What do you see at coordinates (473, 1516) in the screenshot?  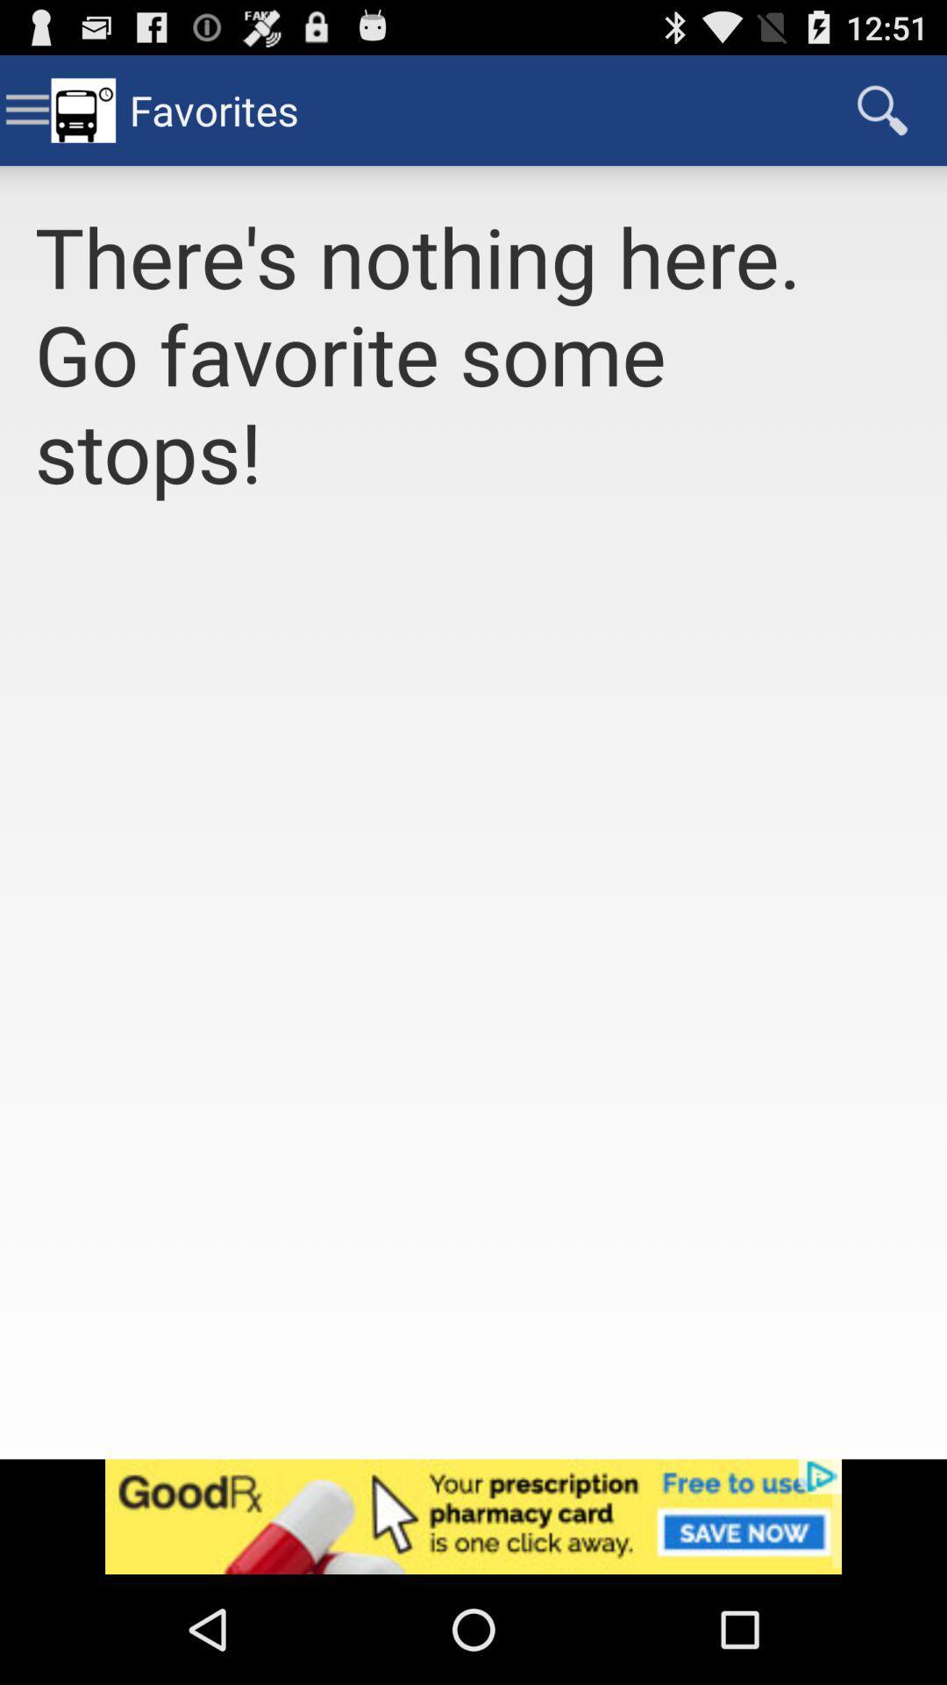 I see `click advertisement banner` at bounding box center [473, 1516].